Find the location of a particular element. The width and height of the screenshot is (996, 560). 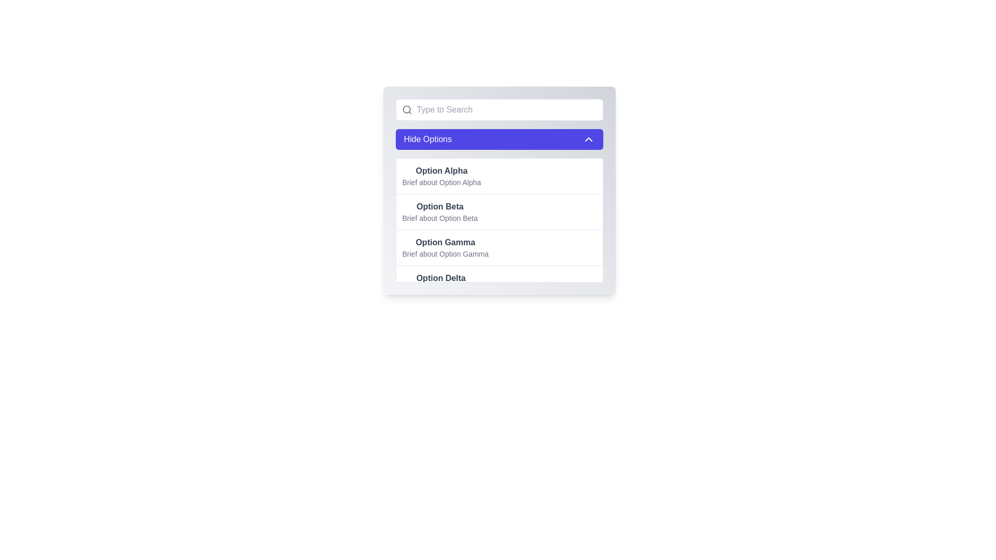

the informational Text Label that describes 'Option Alpha', located under the 'Hide Options' section is located at coordinates (441, 181).